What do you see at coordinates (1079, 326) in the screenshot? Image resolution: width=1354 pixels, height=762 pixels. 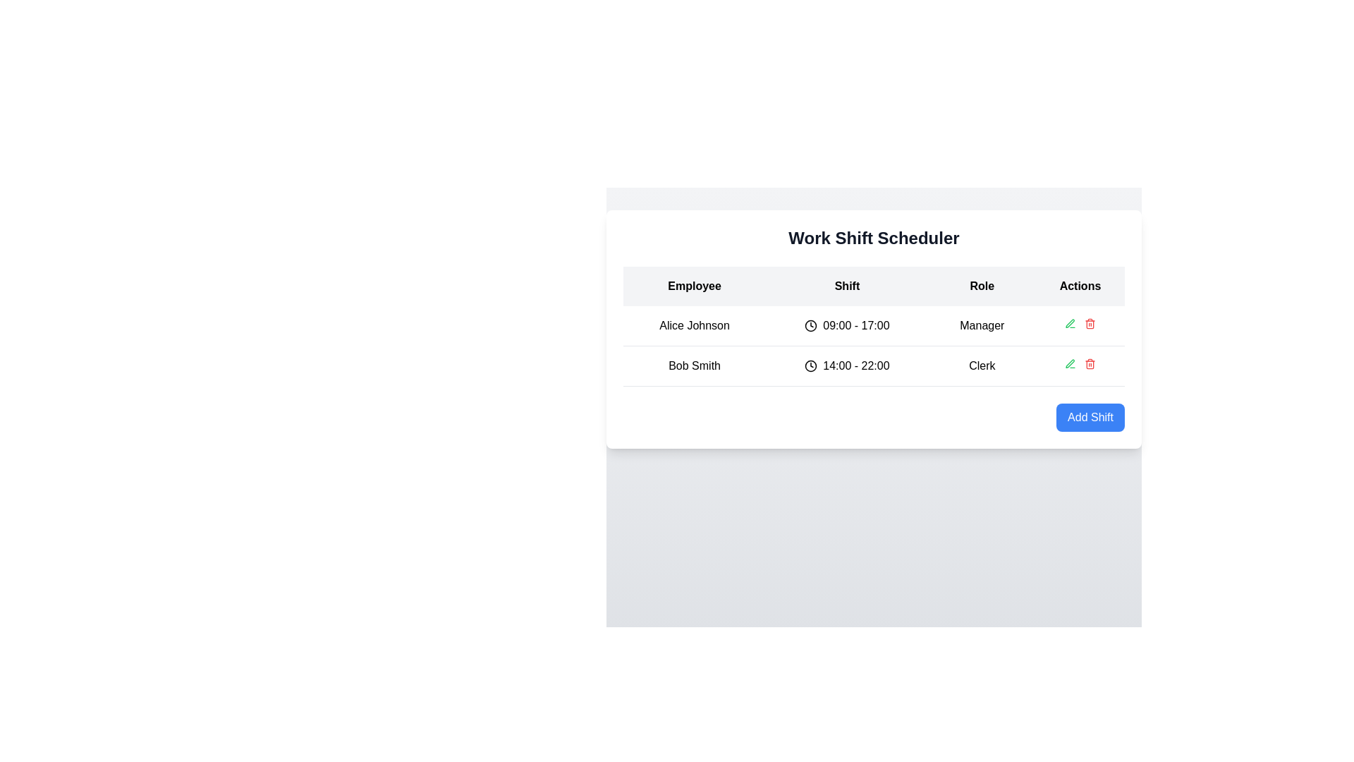 I see `the delete button/icon in the last cell of the row for 'Alice Johnson'` at bounding box center [1079, 326].